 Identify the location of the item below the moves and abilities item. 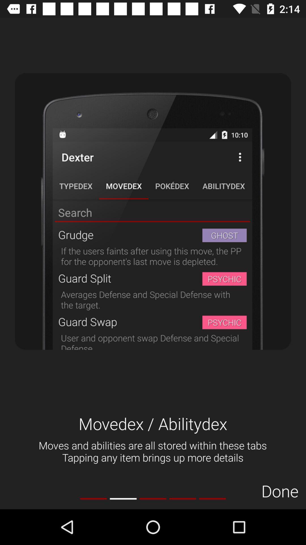
(153, 498).